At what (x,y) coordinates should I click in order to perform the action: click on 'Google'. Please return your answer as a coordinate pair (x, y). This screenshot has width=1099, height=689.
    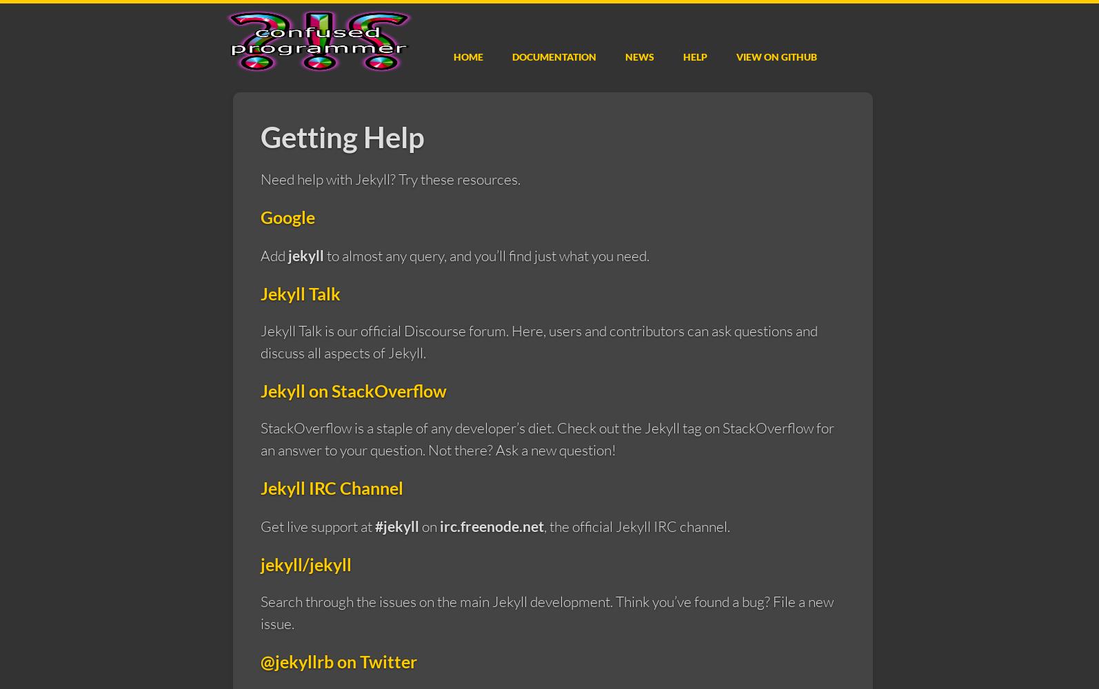
    Looking at the image, I should click on (287, 216).